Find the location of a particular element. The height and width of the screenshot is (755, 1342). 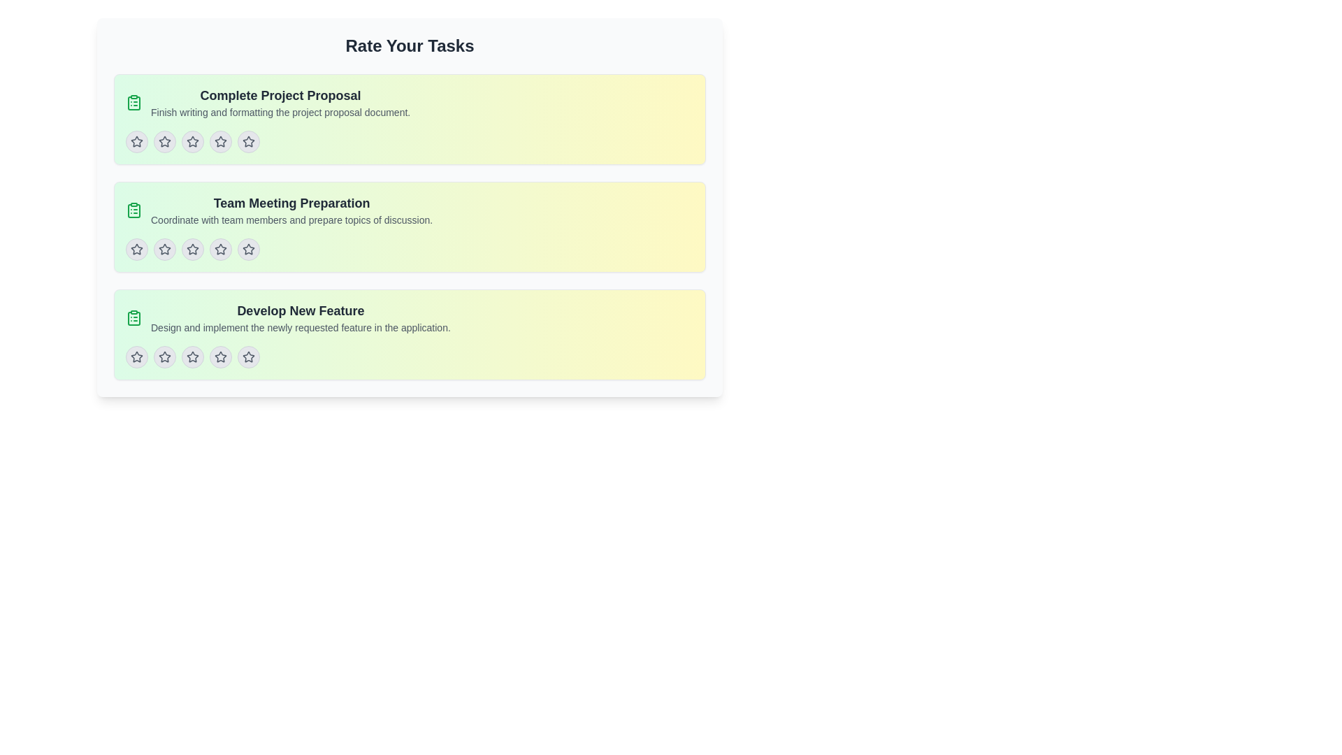

the first star rating button located under the 'Develop New Feature' section in the bottommost task card to rate it is located at coordinates (137, 356).